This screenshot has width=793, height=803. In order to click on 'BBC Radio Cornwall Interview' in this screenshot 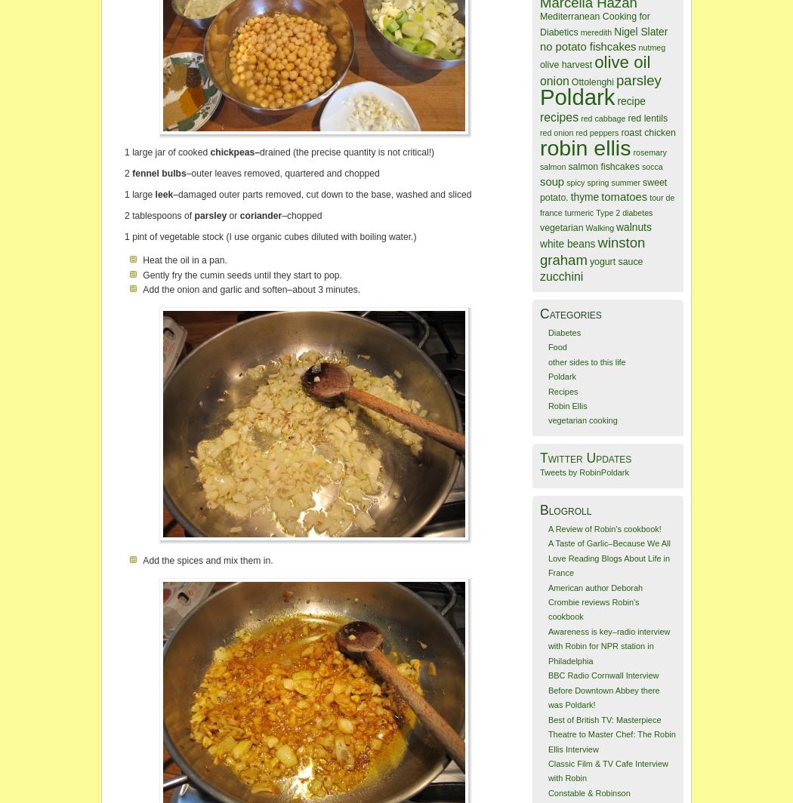, I will do `click(602, 675)`.